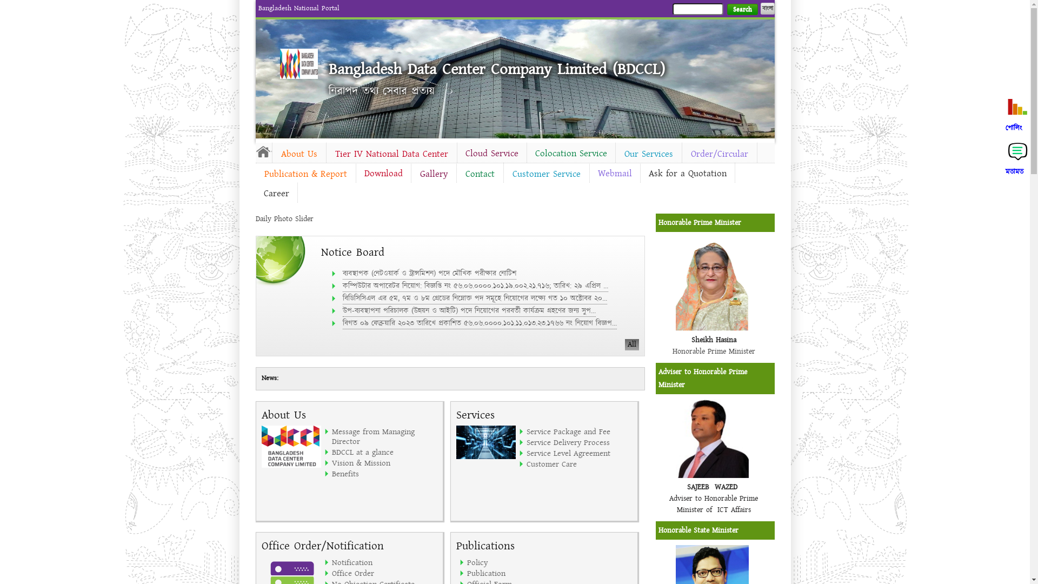 The image size is (1038, 584). Describe the element at coordinates (491, 154) in the screenshot. I see `'Cloud Service'` at that location.